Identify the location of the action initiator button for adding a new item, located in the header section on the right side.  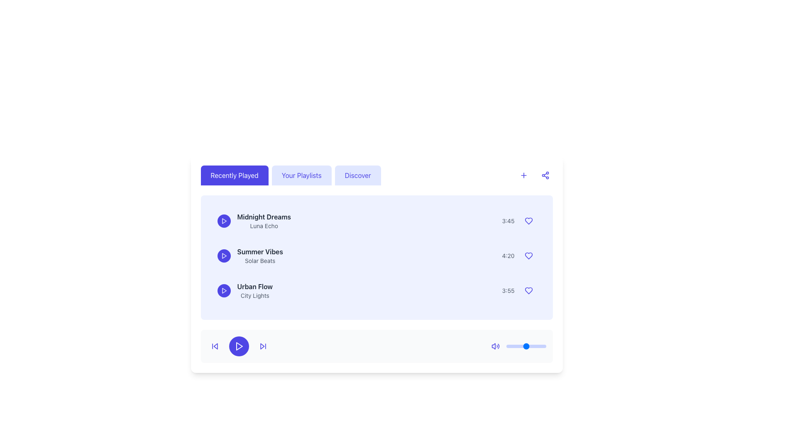
(523, 175).